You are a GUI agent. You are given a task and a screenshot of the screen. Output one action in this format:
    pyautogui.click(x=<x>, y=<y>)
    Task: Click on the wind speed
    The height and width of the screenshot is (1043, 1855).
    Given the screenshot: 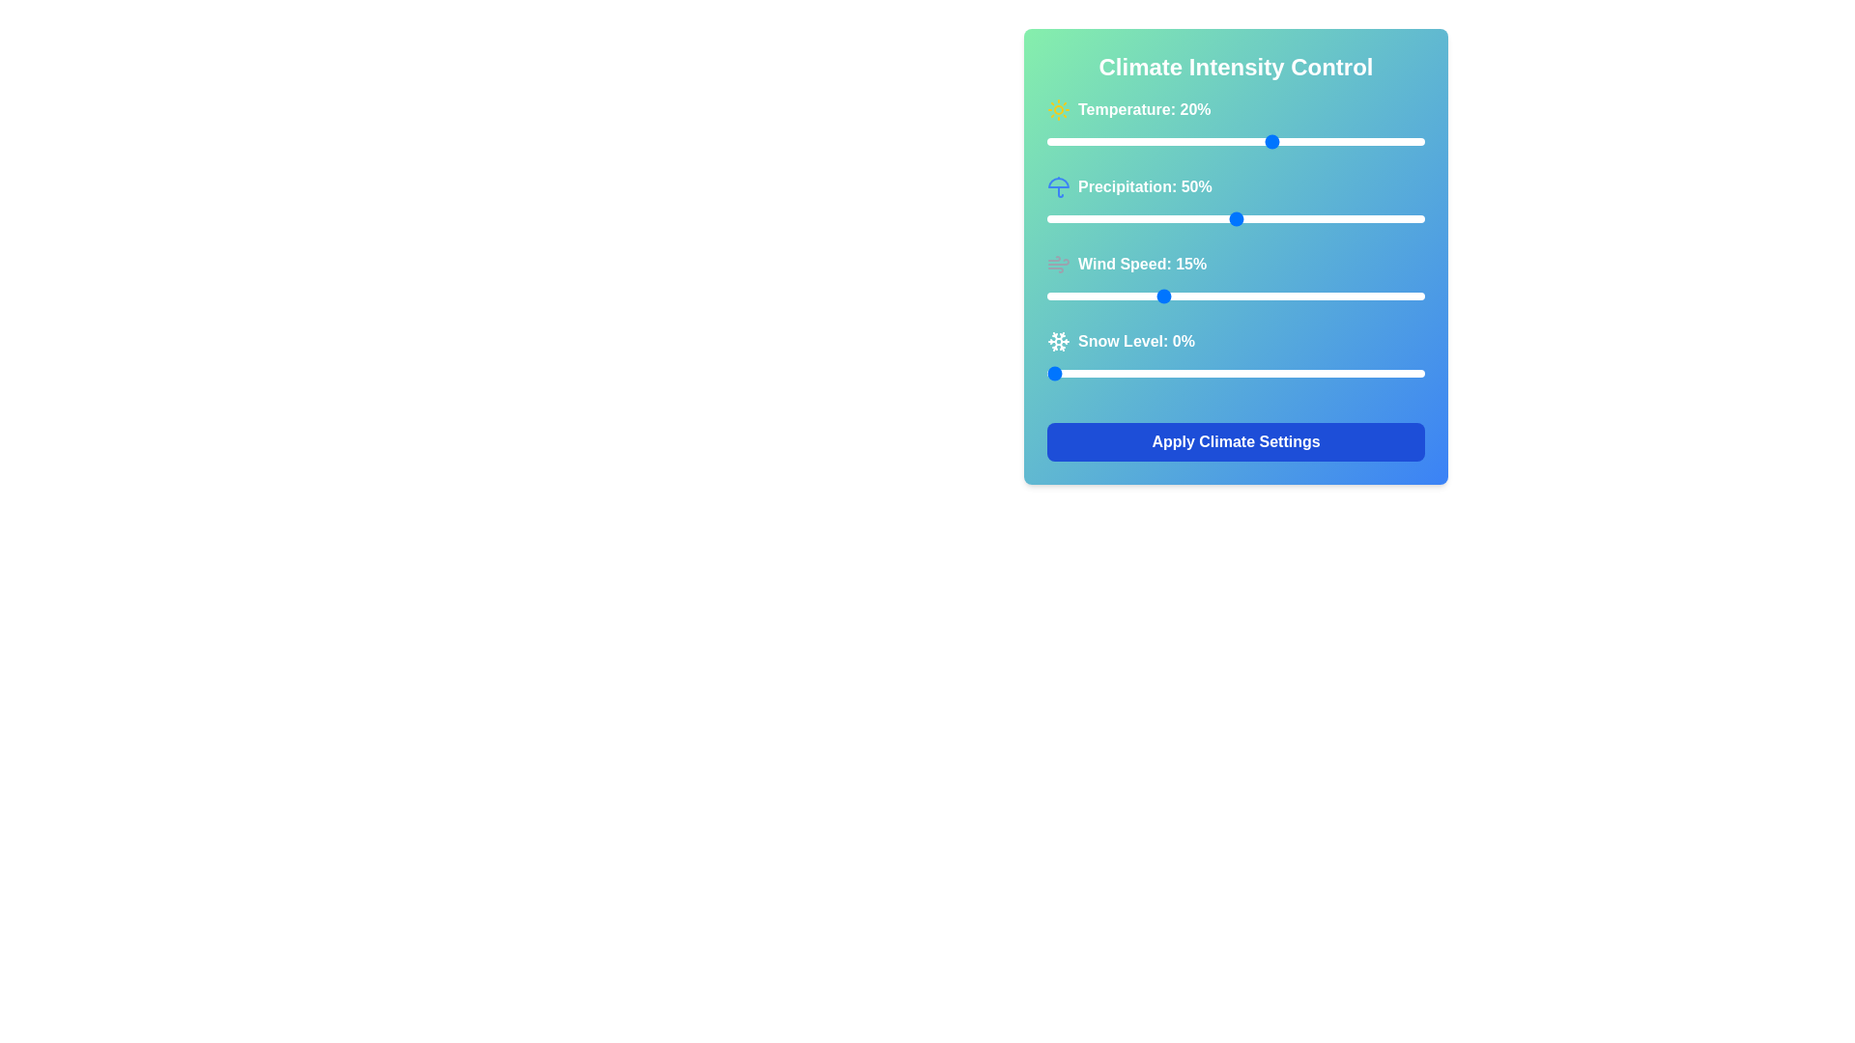 What is the action you would take?
    pyautogui.click(x=1318, y=296)
    